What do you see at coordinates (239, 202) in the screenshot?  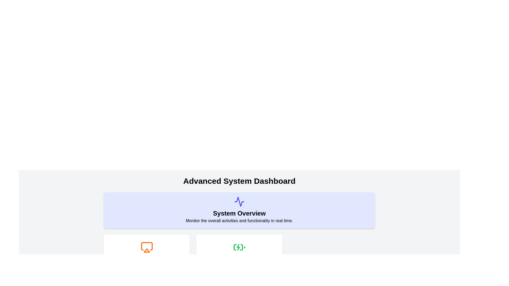 I see `the blue waveform SVG icon located centrally within the light blue area above the 'System Overview' heading` at bounding box center [239, 202].